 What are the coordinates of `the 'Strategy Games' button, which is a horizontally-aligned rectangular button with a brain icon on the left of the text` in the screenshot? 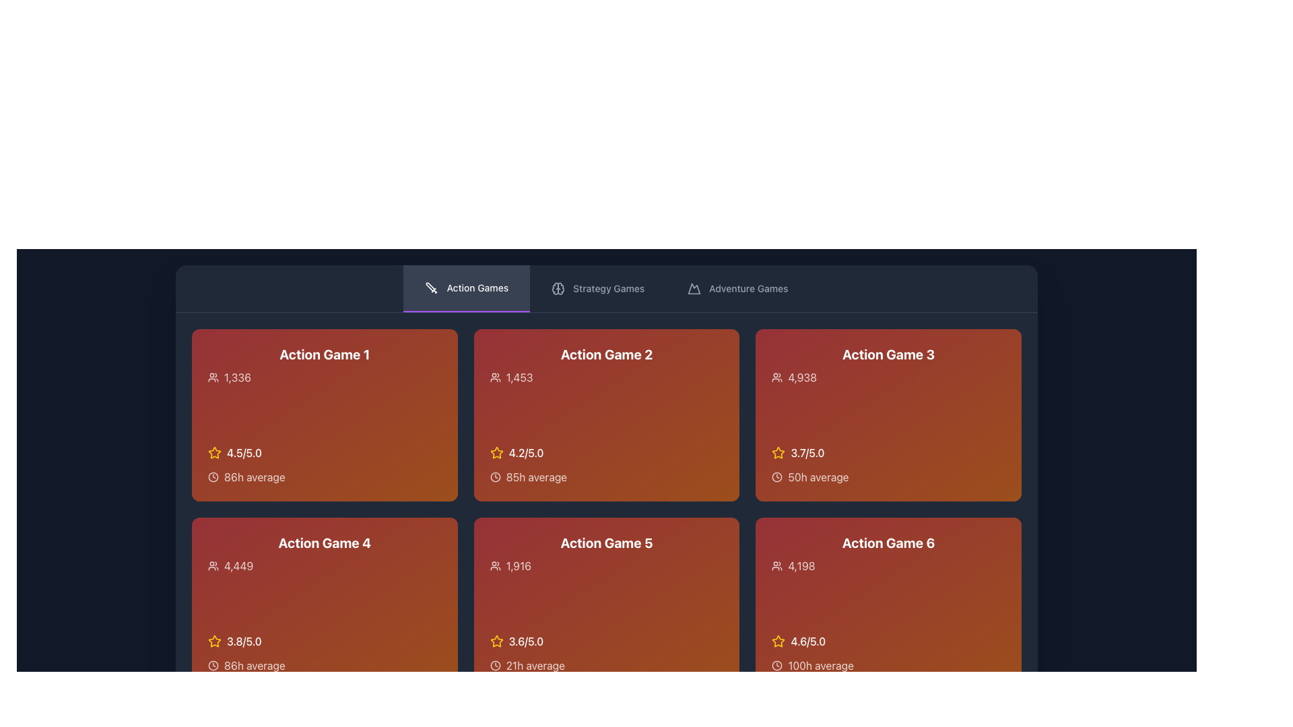 It's located at (597, 287).